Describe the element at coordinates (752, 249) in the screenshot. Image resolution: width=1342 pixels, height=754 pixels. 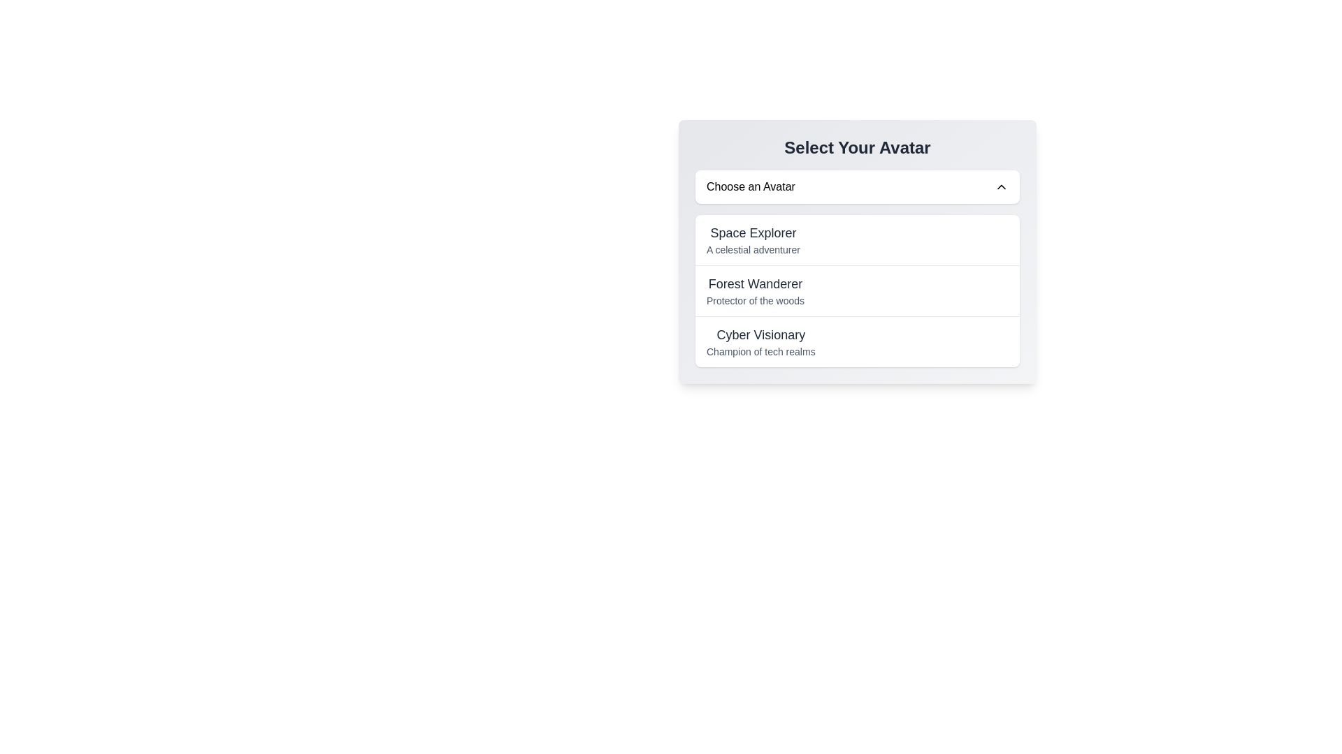
I see `the text label reading 'A celestial adventurer' that is styled in smaller gray text, located beneath 'Space Explorer' in the dropdown card labeled 'Select Your Avatar'` at that location.